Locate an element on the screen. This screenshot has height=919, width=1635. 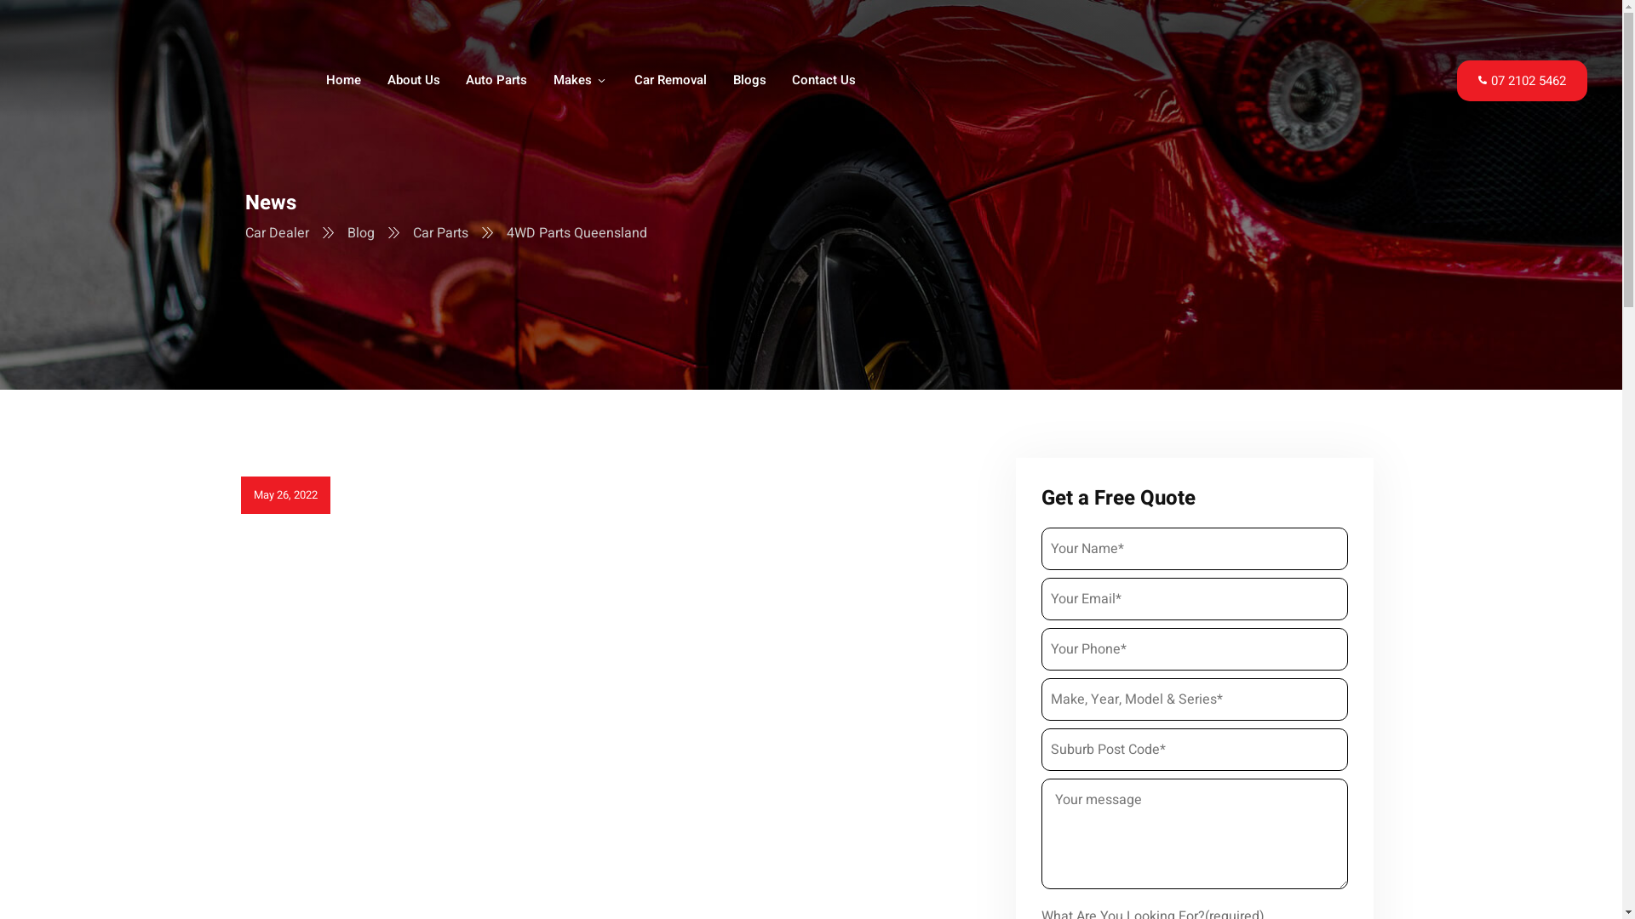
'Auto Parts' is located at coordinates (496, 81).